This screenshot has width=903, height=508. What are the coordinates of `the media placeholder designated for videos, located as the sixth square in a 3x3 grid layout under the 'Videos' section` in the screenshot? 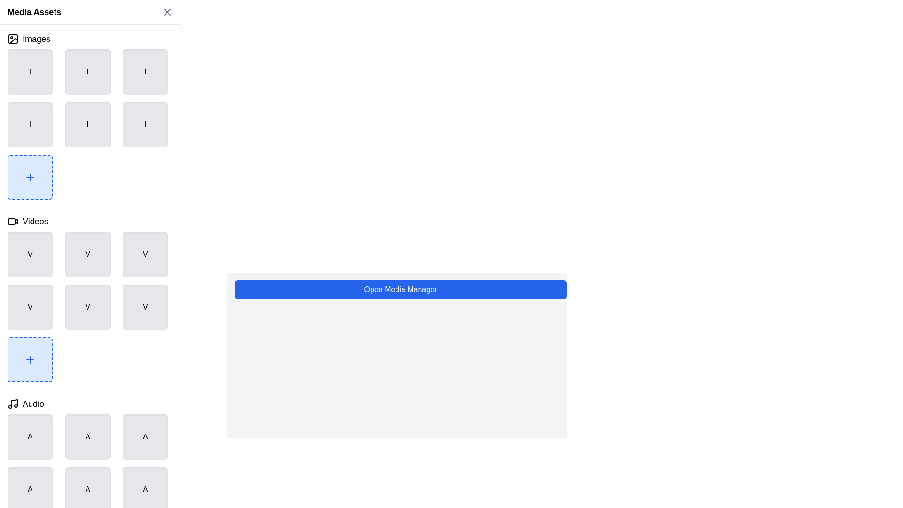 It's located at (145, 307).